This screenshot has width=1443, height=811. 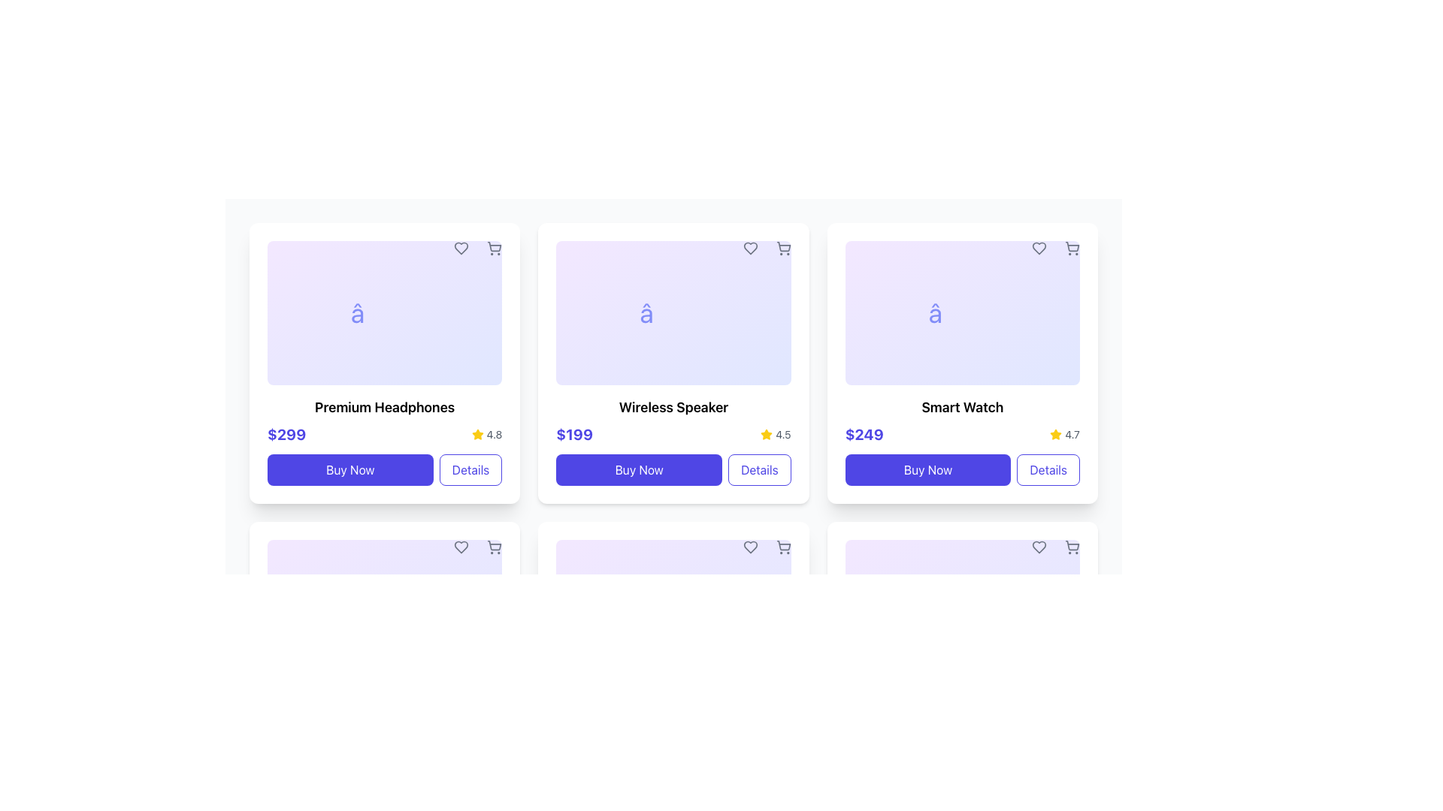 I want to click on the rating display showing '4.5' next to the yellow star icon in the second product card ('Wireless Speaker'), so click(x=776, y=434).